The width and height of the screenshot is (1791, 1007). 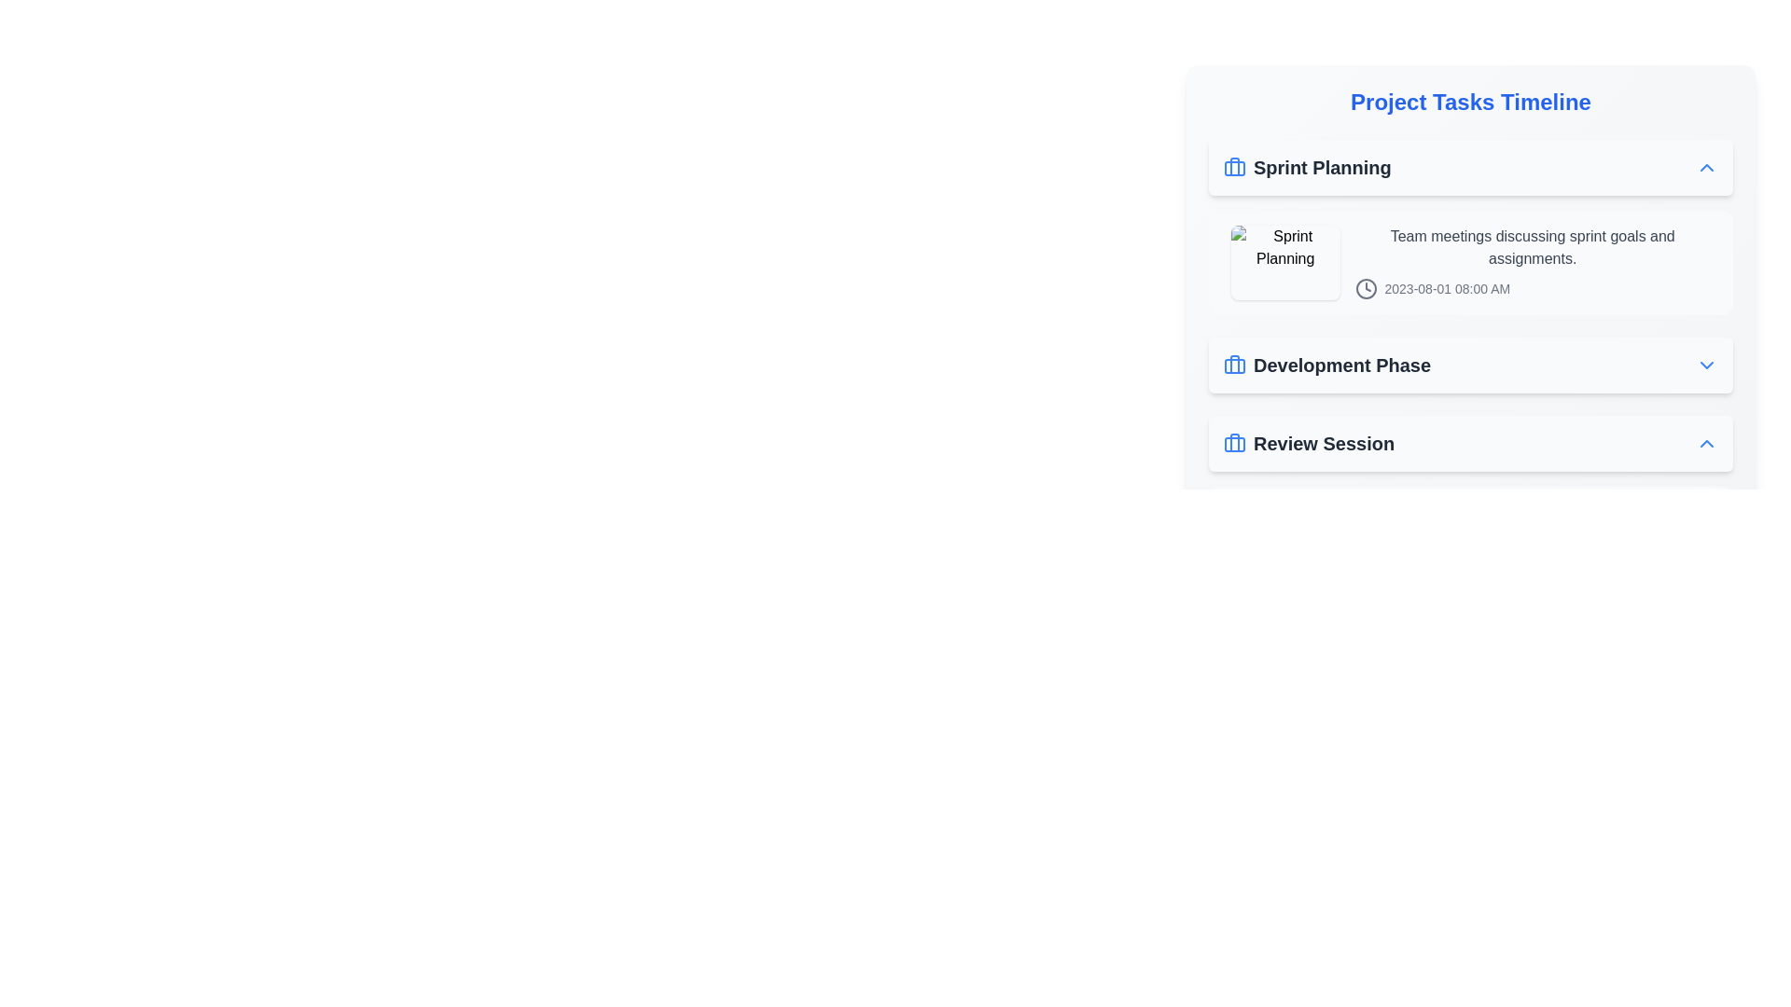 What do you see at coordinates (1323, 443) in the screenshot?
I see `text from the 'Review Session' label, which is a prominent text label at the bottom of the 'Project Tasks Timeline' section` at bounding box center [1323, 443].